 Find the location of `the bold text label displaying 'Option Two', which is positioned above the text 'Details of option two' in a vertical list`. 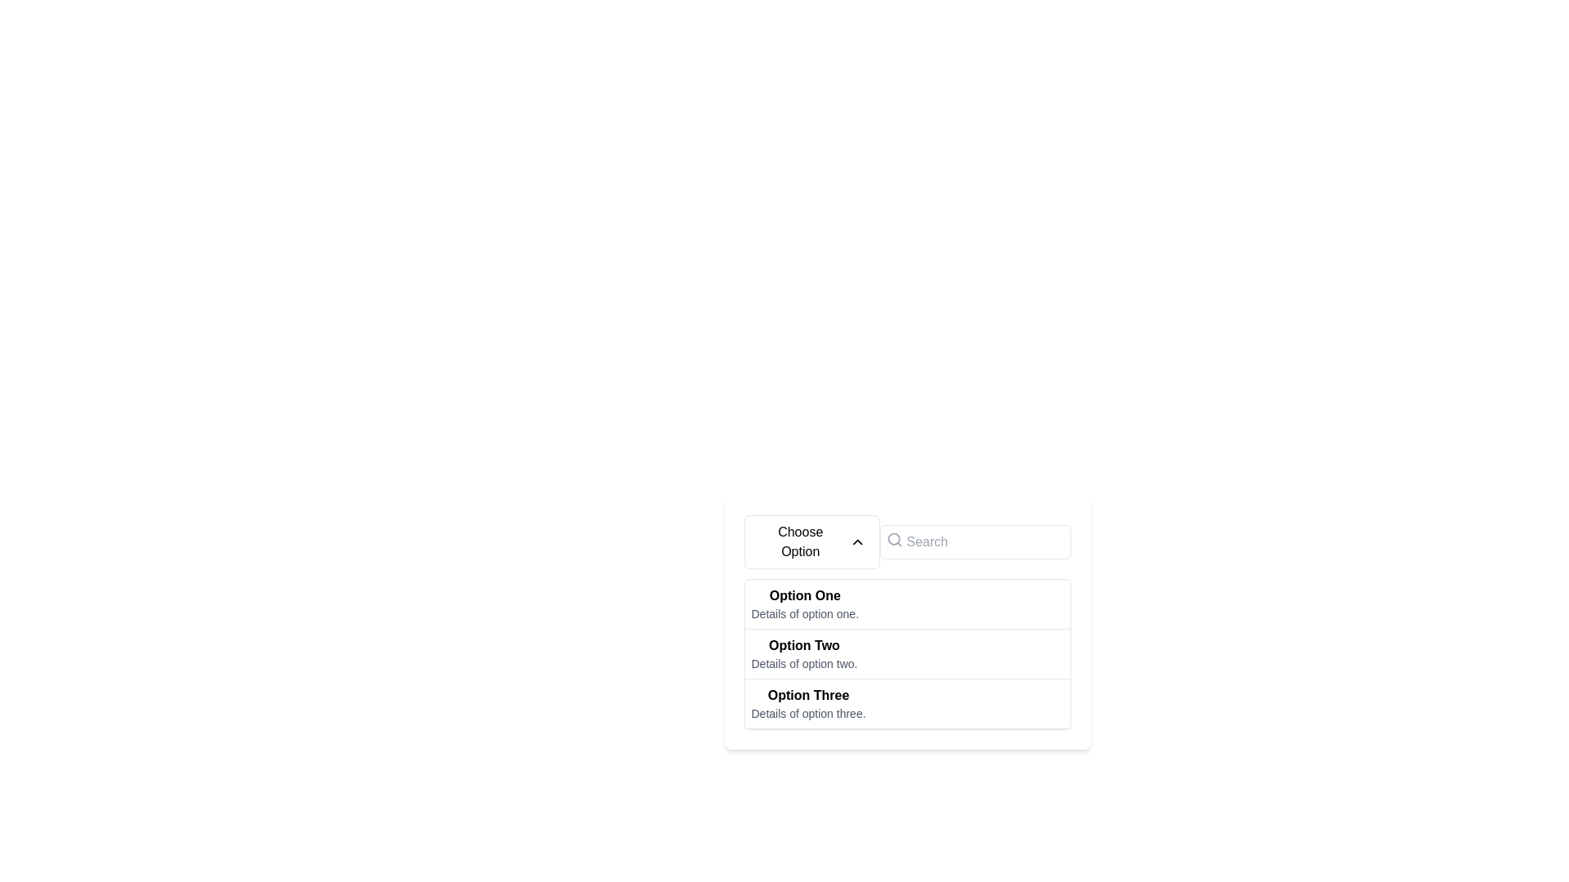

the bold text label displaying 'Option Two', which is positioned above the text 'Details of option two' in a vertical list is located at coordinates (804, 644).